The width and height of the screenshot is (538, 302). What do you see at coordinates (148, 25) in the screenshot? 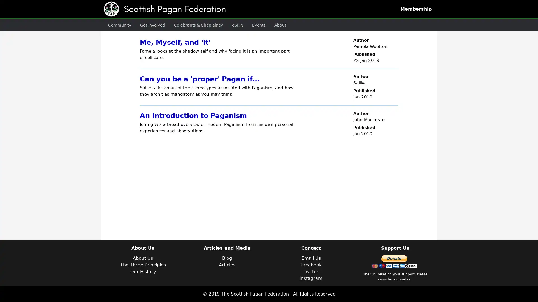
I see `Get Involved` at bounding box center [148, 25].